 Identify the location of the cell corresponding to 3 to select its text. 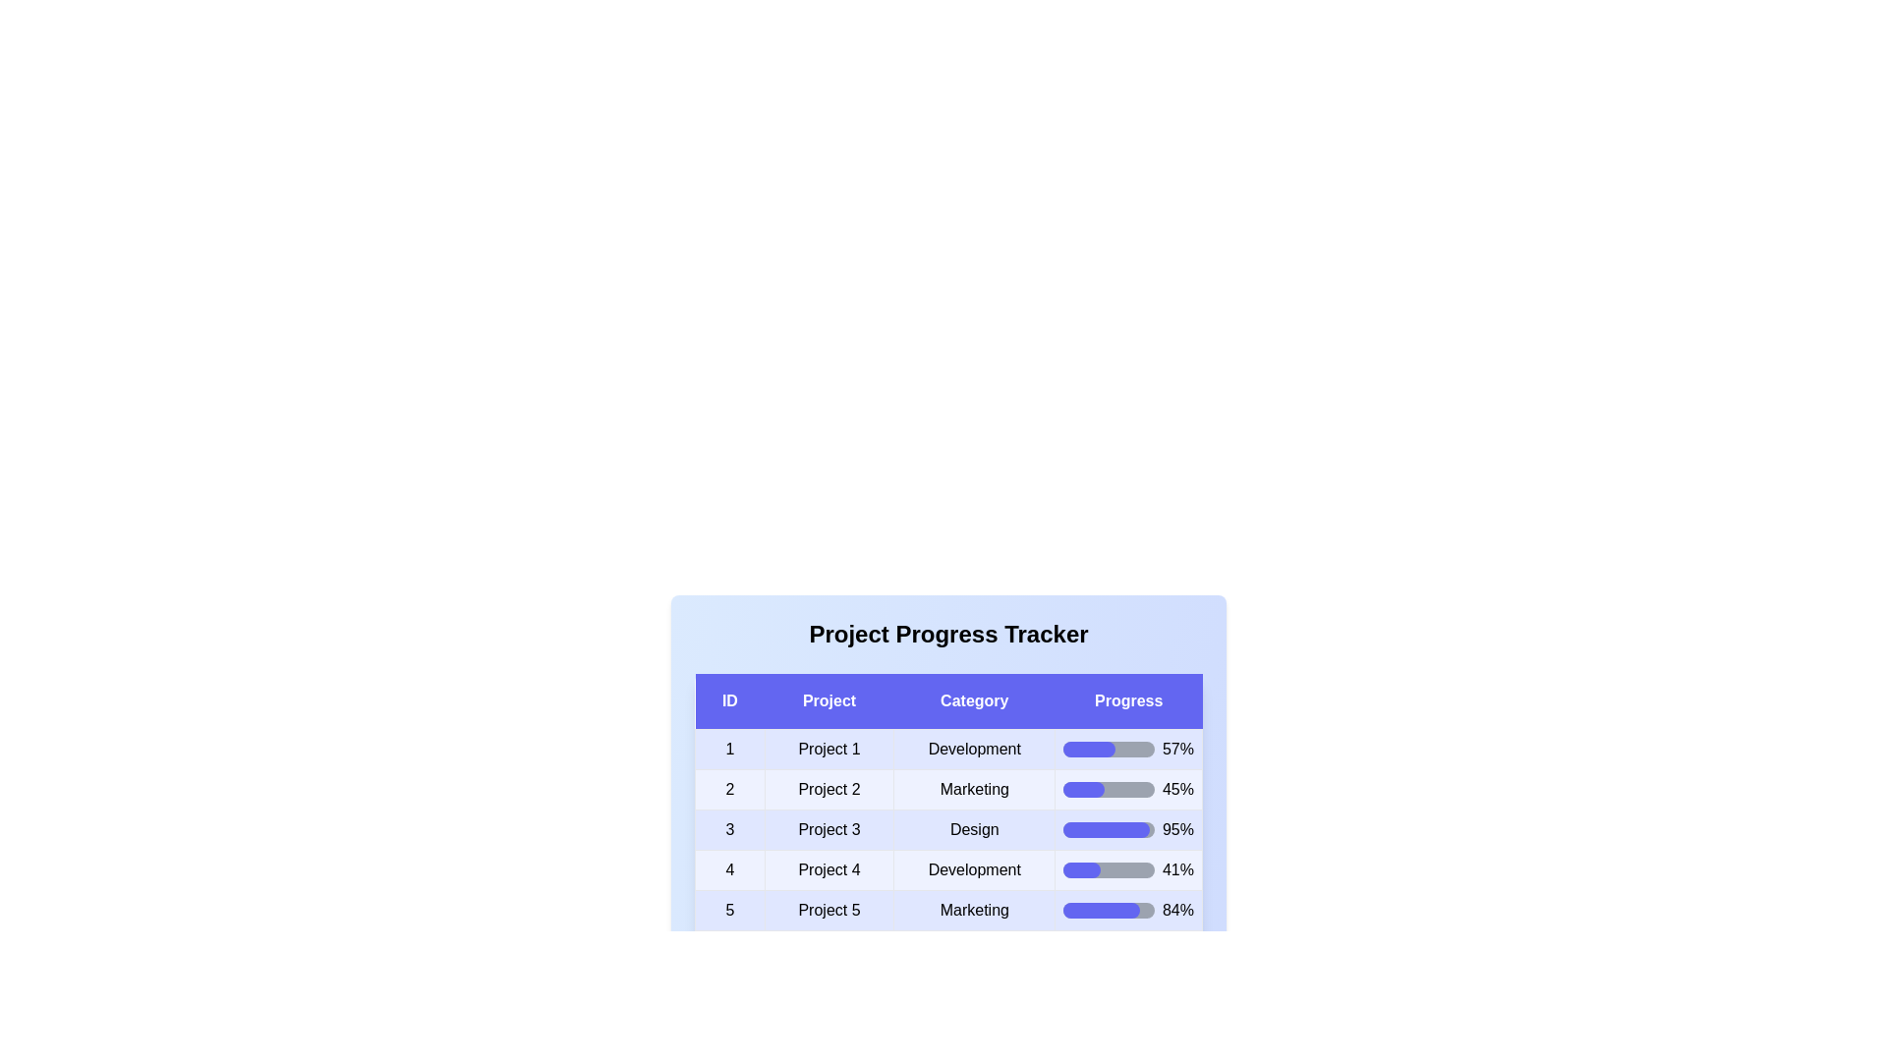
(728, 829).